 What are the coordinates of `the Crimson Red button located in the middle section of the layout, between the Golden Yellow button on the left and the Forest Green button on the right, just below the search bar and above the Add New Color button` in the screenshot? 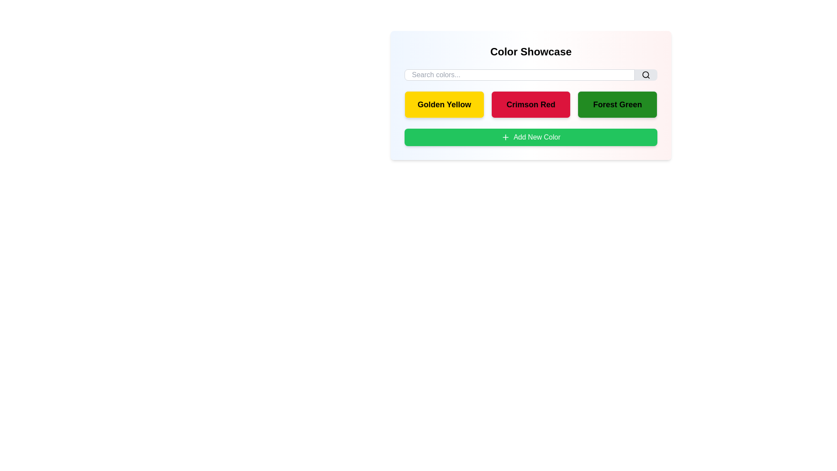 It's located at (531, 96).